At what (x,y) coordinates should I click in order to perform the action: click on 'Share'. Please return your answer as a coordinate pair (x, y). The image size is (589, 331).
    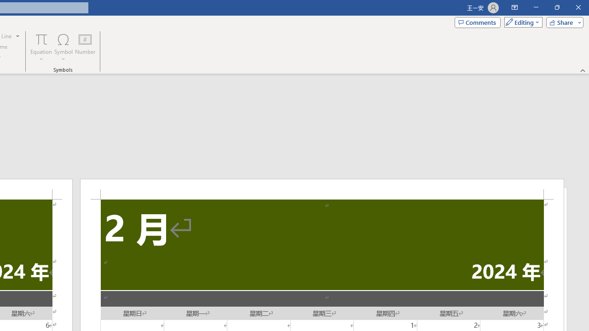
    Looking at the image, I should click on (562, 22).